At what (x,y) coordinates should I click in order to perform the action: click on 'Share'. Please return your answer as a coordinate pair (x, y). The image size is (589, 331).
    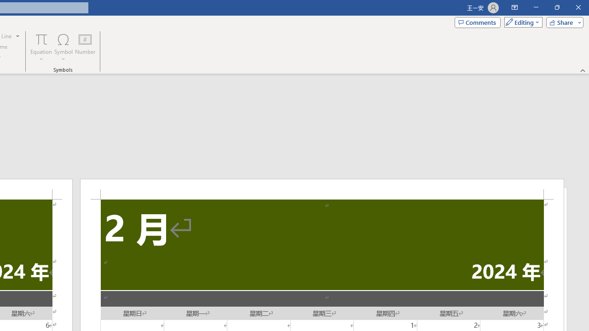
    Looking at the image, I should click on (562, 22).